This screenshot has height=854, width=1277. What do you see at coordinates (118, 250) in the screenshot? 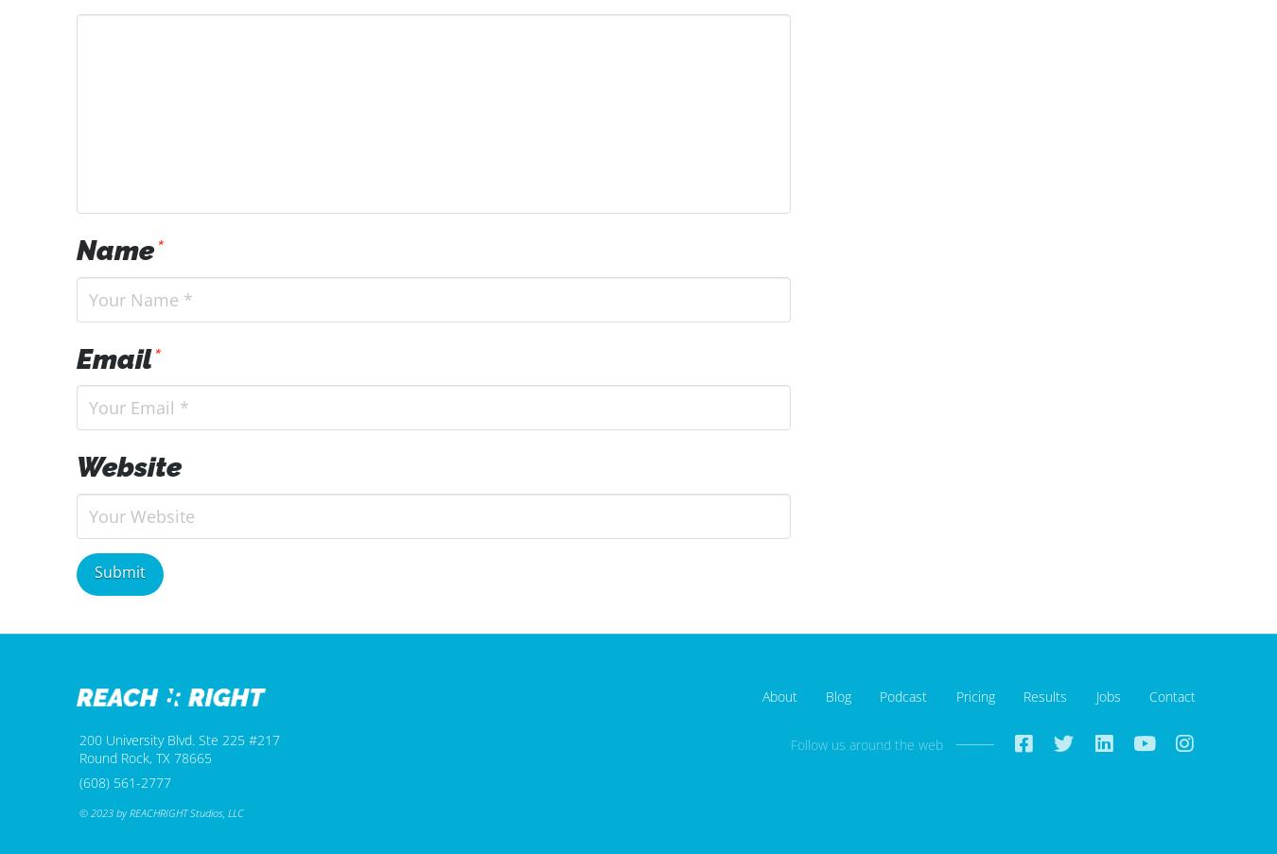
I see `'Name'` at bounding box center [118, 250].